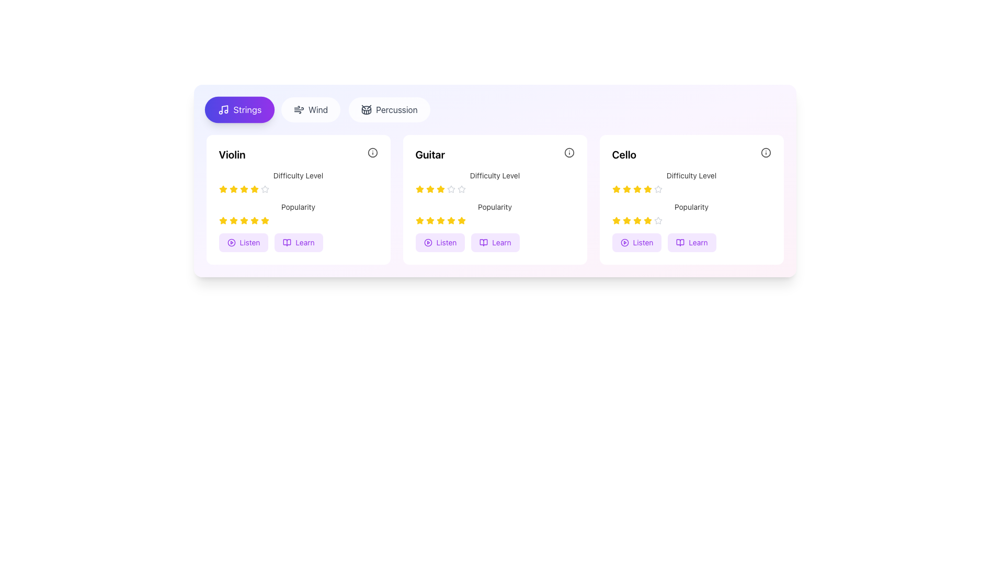 The height and width of the screenshot is (565, 1004). What do you see at coordinates (223, 109) in the screenshot?
I see `the musical note icon located on the vibrant 'Strings' button with a gradient background, positioned in the top-left corner of the interface` at bounding box center [223, 109].